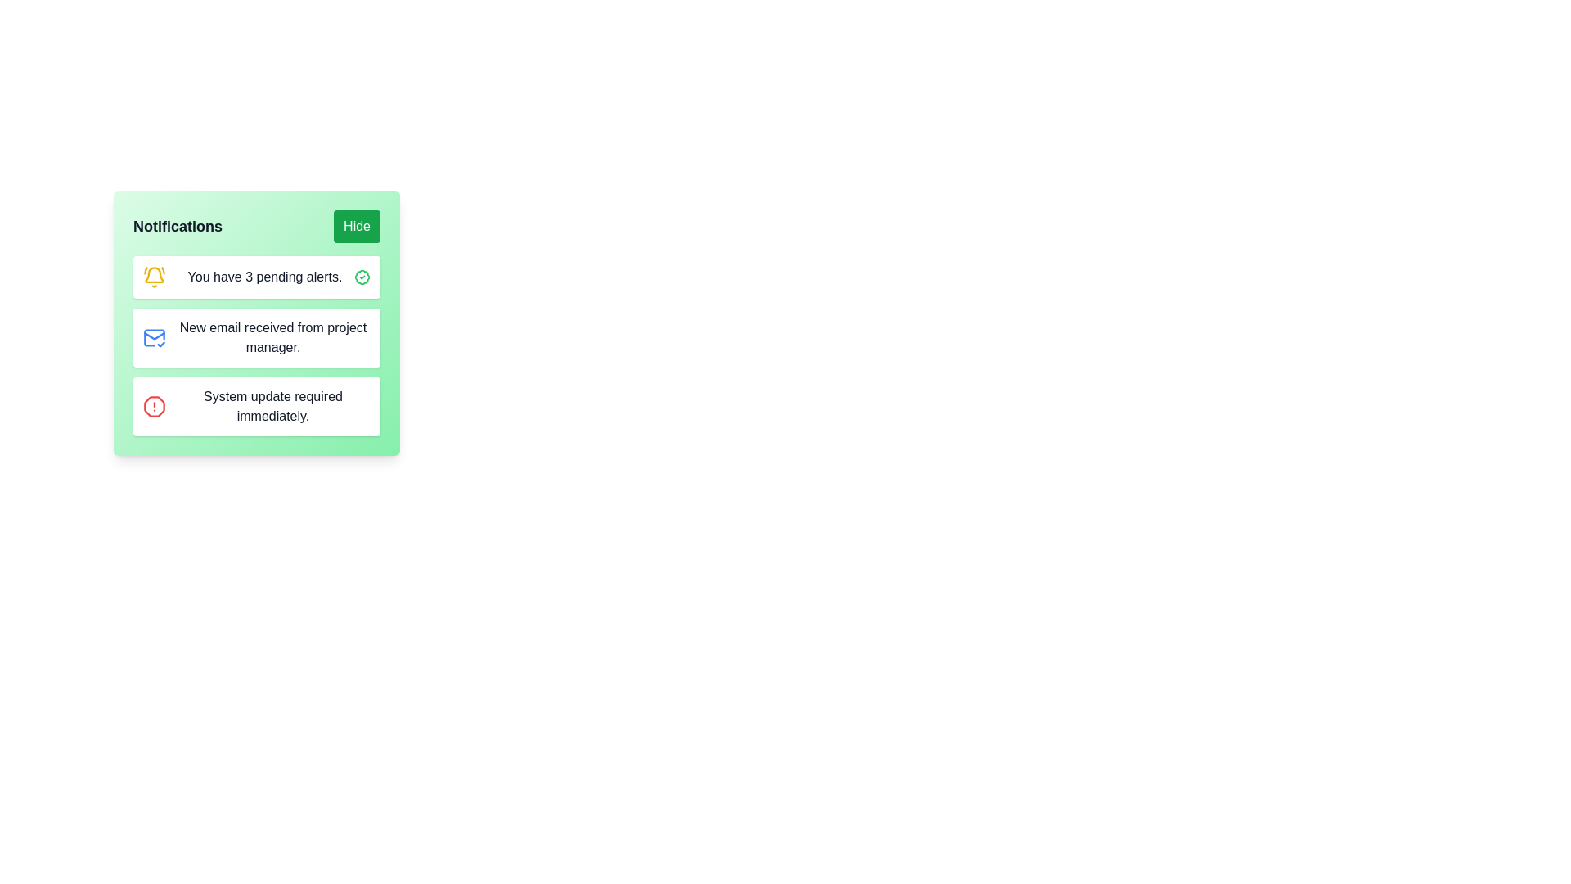  What do you see at coordinates (154, 336) in the screenshot?
I see `the email notification icon located in the second row of notifications, to the left of the text 'New email received from project manager'` at bounding box center [154, 336].